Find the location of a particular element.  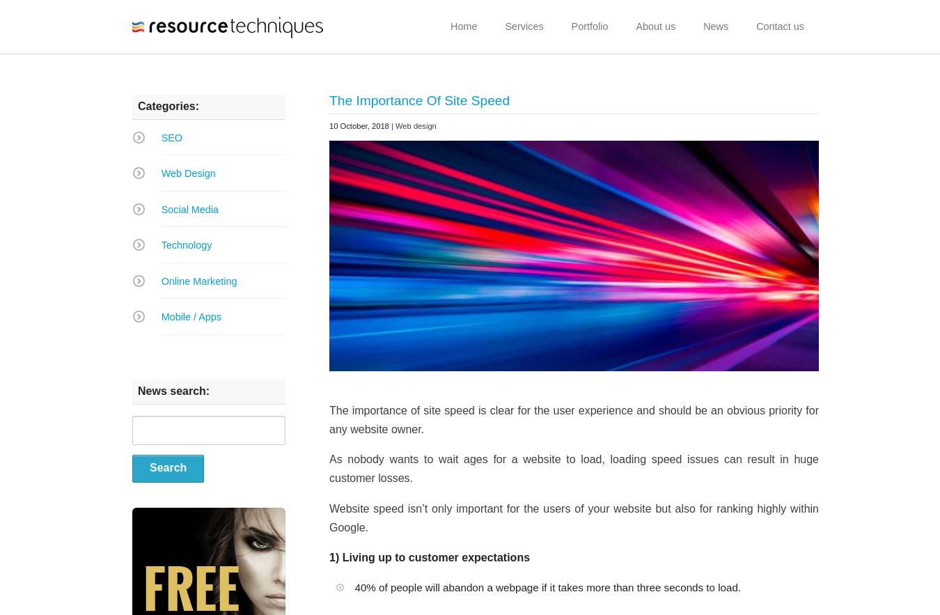

'Categories:' is located at coordinates (138, 105).